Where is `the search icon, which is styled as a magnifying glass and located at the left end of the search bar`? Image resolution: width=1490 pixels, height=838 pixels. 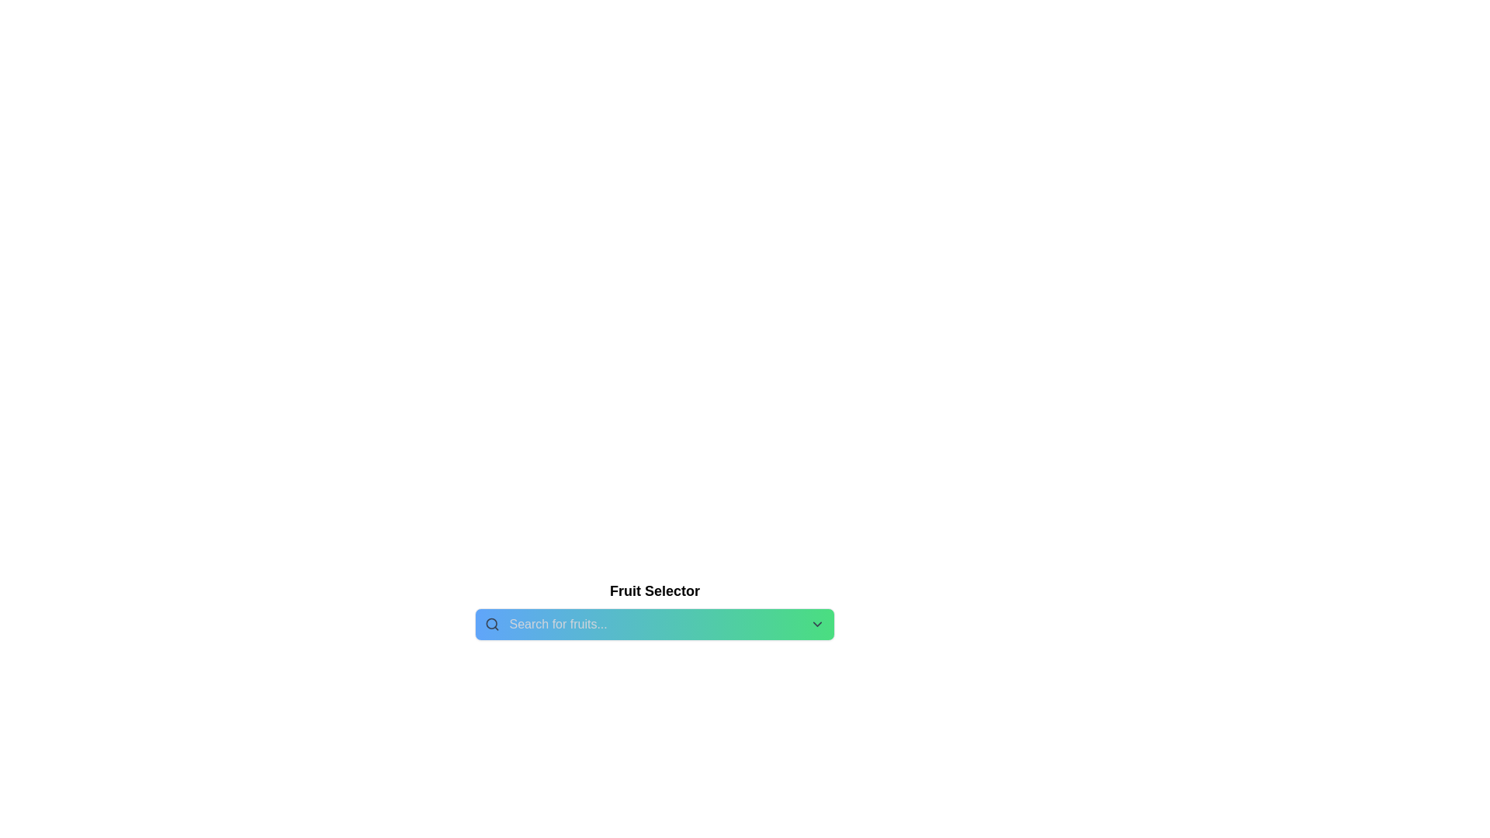 the search icon, which is styled as a magnifying glass and located at the left end of the search bar is located at coordinates (491, 624).